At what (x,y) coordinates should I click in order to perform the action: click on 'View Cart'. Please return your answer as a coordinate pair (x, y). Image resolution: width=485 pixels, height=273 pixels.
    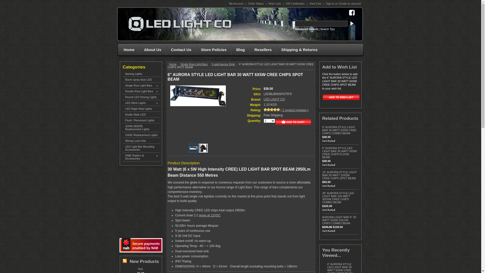
    Looking at the image, I should click on (316, 4).